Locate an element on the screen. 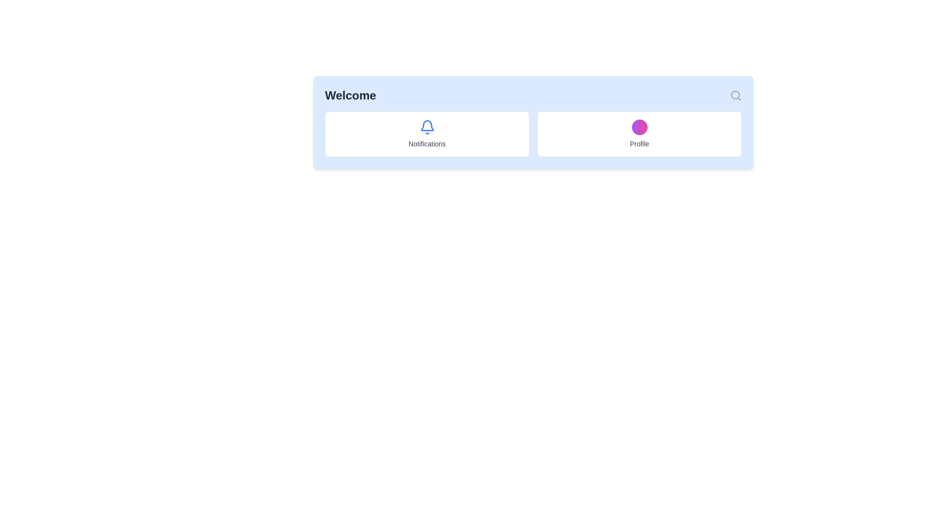 This screenshot has width=937, height=527. the search icon located in the top-right corner of the horizontal bar is located at coordinates (735, 96).